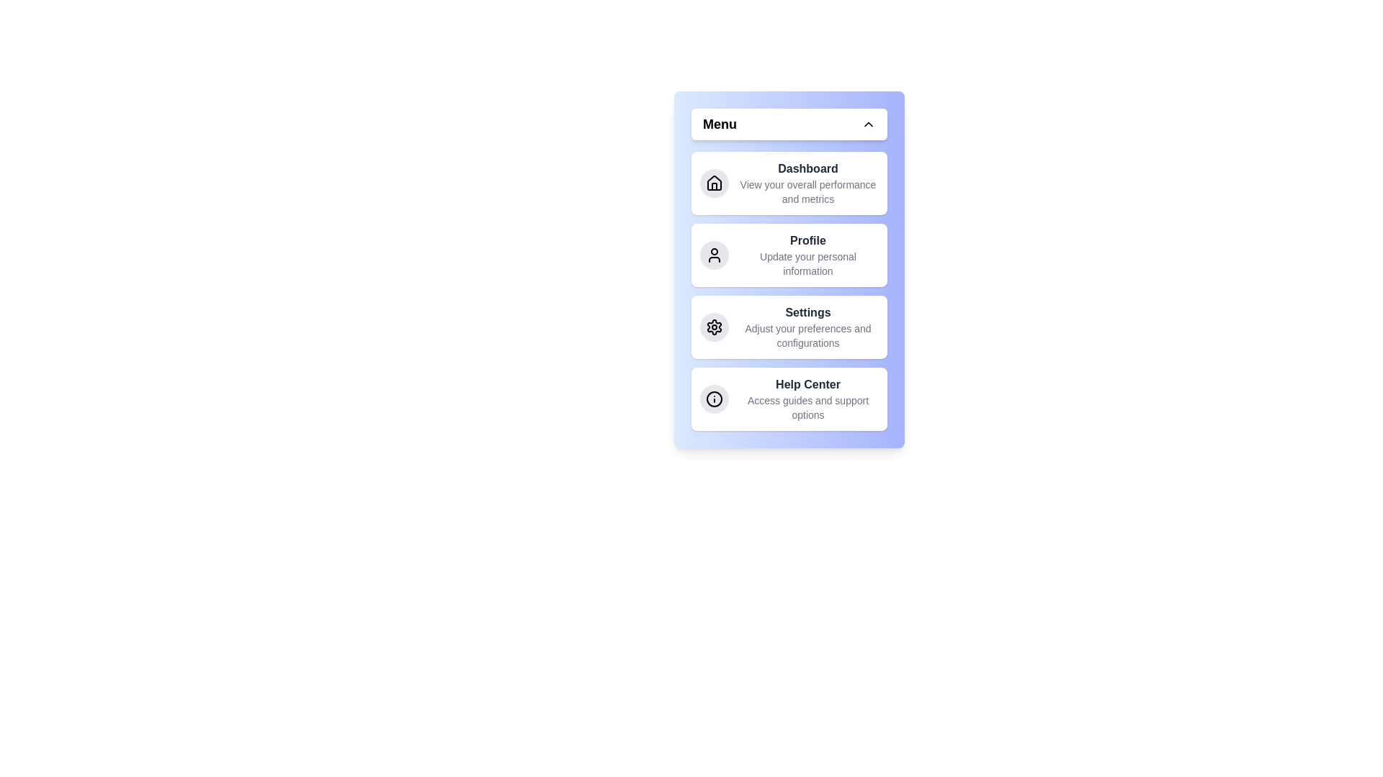 The width and height of the screenshot is (1383, 777). I want to click on the menu item Settings to observe the hover effect, so click(788, 327).